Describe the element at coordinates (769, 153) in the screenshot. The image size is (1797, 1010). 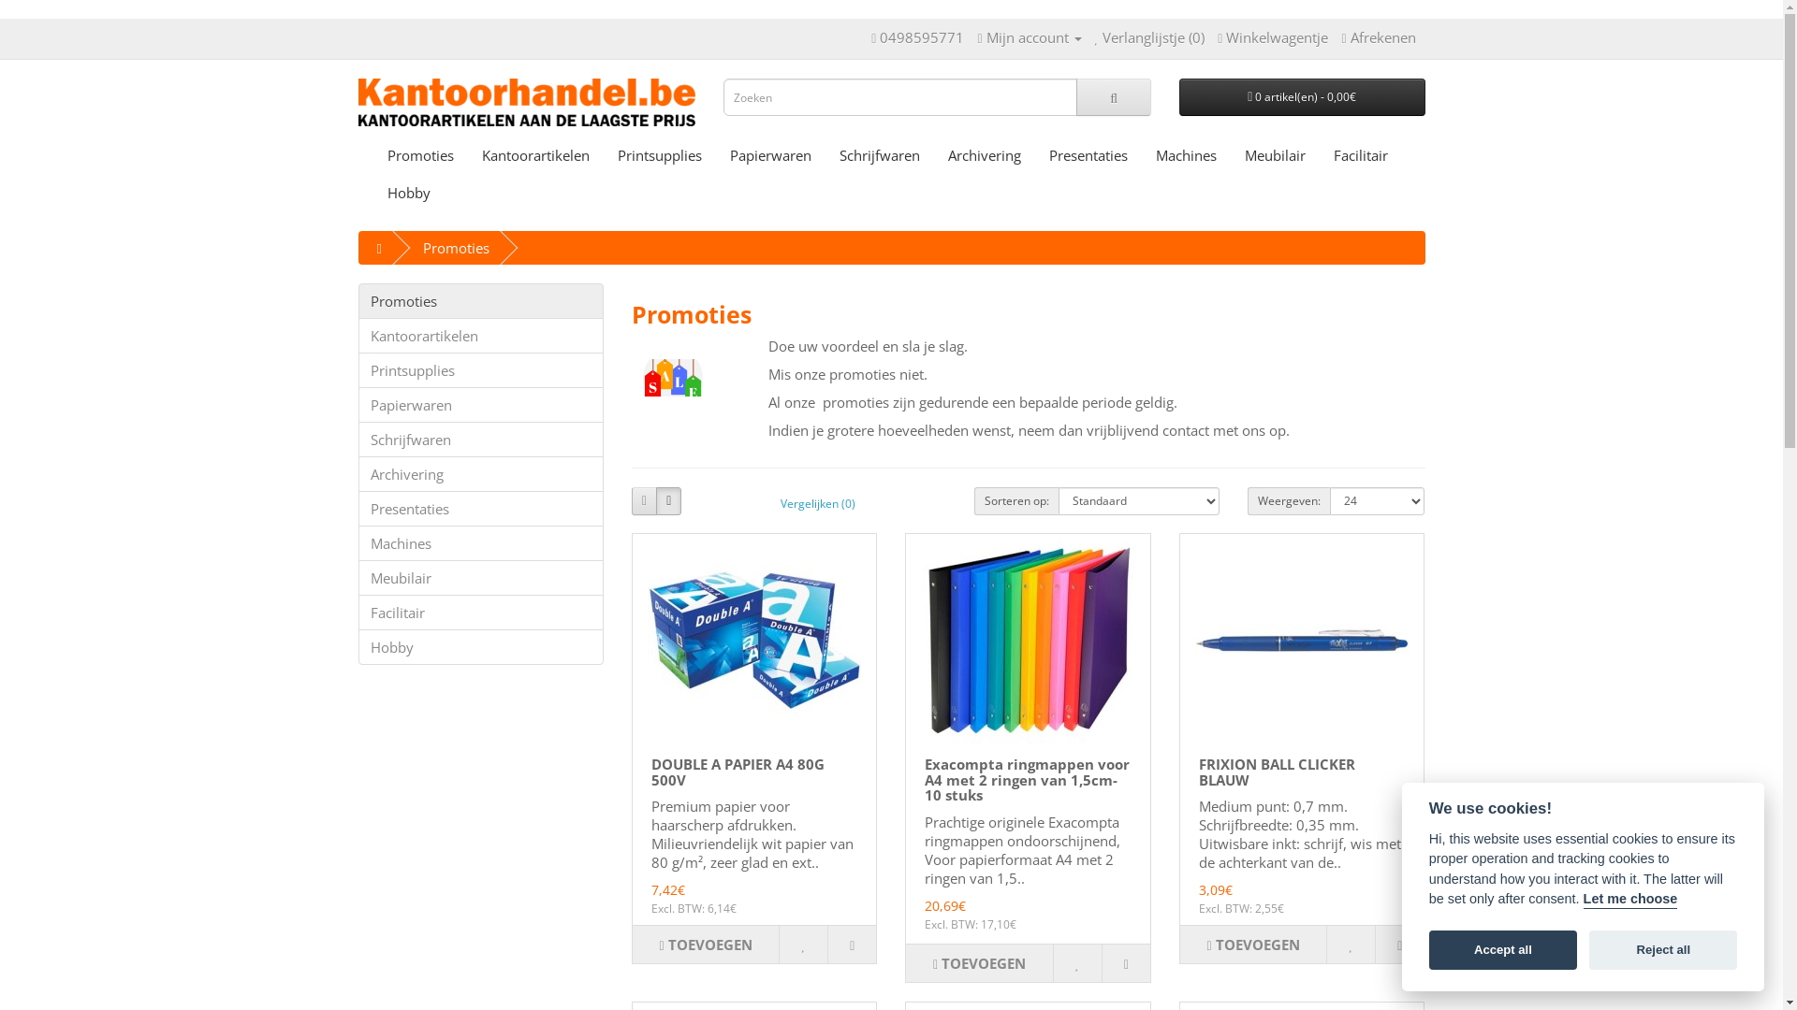
I see `'Papierwaren'` at that location.